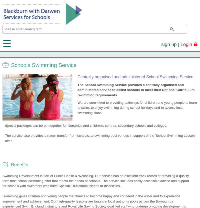  I want to click on 'Claire Birchenough - Blackburn and Darwen Schools', so click(42, 182).